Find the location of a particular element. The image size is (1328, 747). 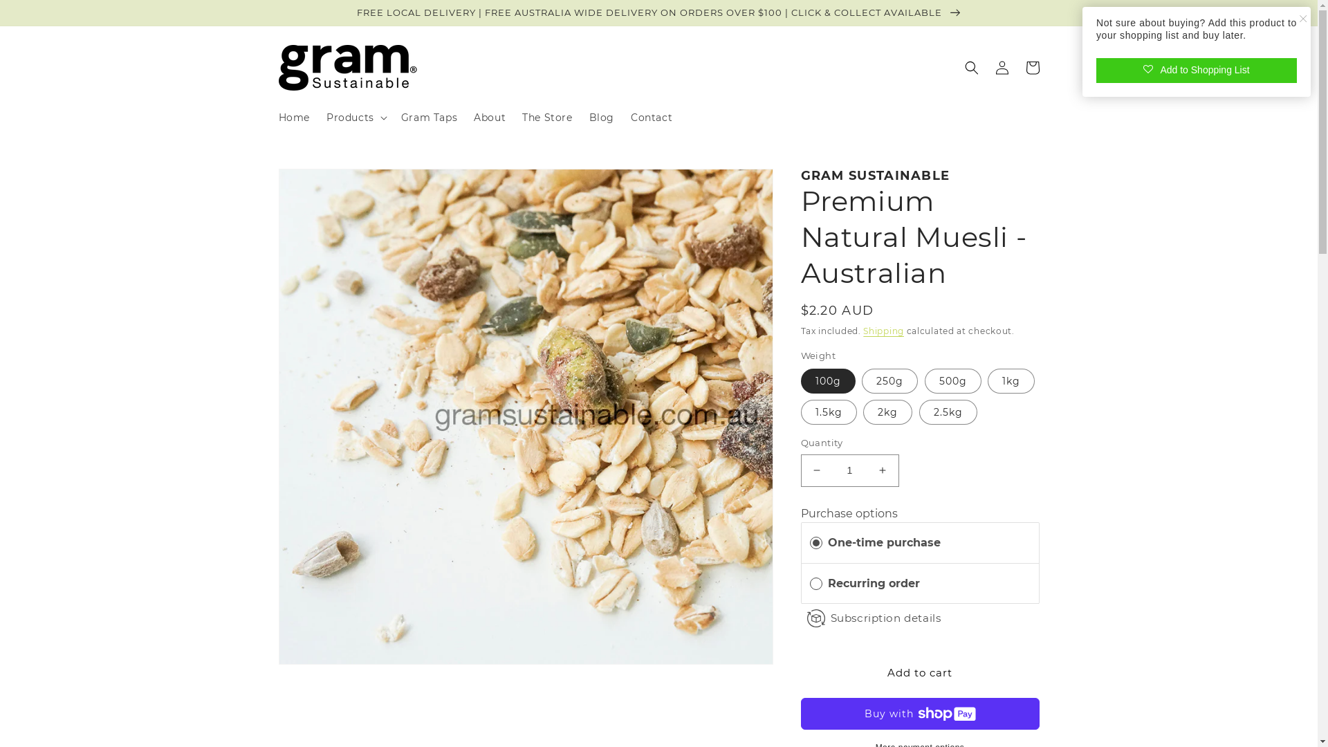

'Subscription details' is located at coordinates (885, 617).